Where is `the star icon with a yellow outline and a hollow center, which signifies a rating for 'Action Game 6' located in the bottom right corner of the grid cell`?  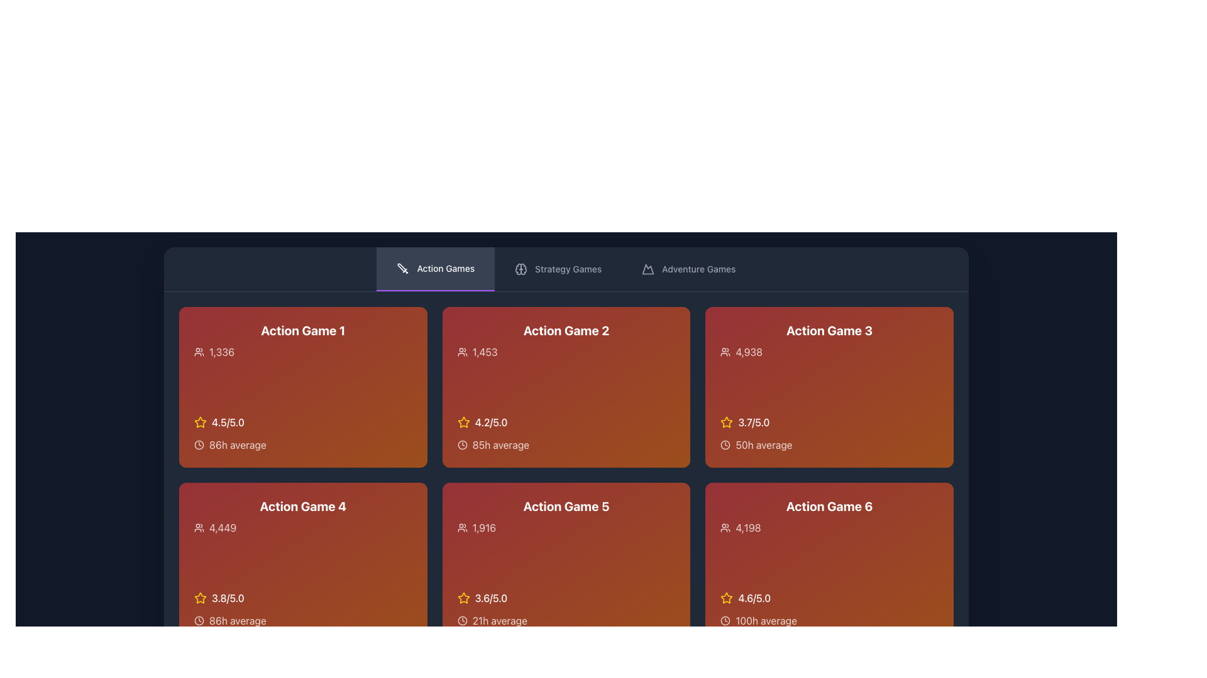
the star icon with a yellow outline and a hollow center, which signifies a rating for 'Action Game 6' located in the bottom right corner of the grid cell is located at coordinates (727, 597).